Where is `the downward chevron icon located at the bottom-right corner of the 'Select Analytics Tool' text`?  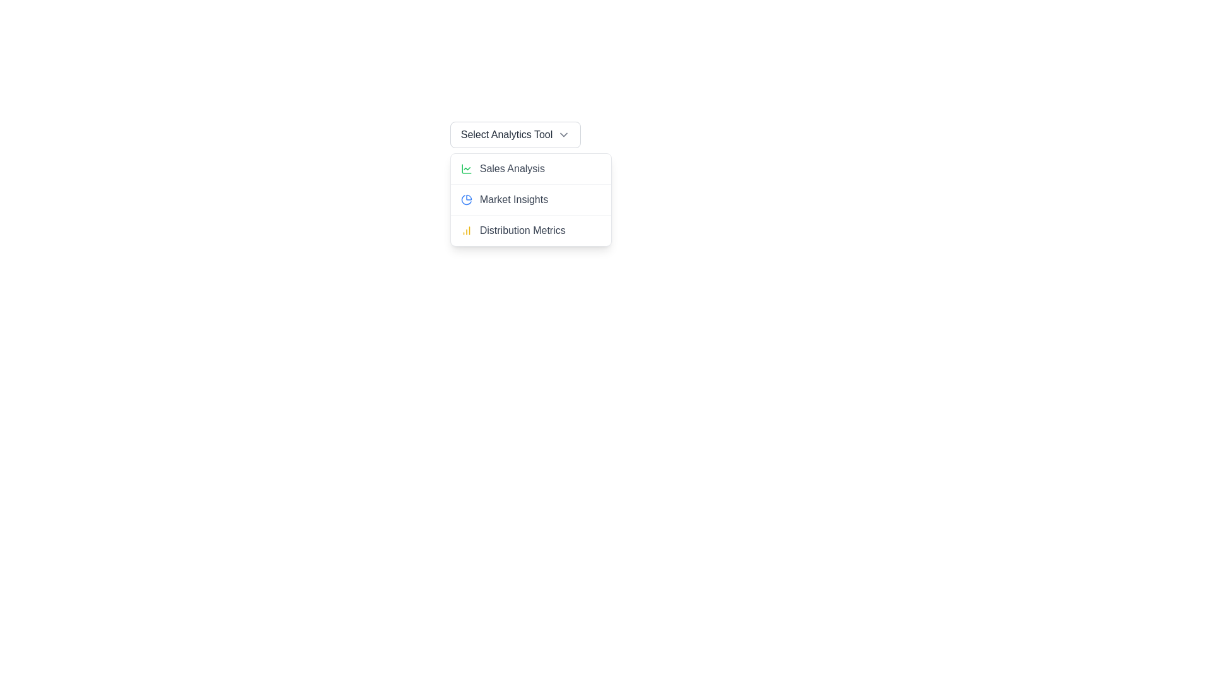 the downward chevron icon located at the bottom-right corner of the 'Select Analytics Tool' text is located at coordinates (563, 134).